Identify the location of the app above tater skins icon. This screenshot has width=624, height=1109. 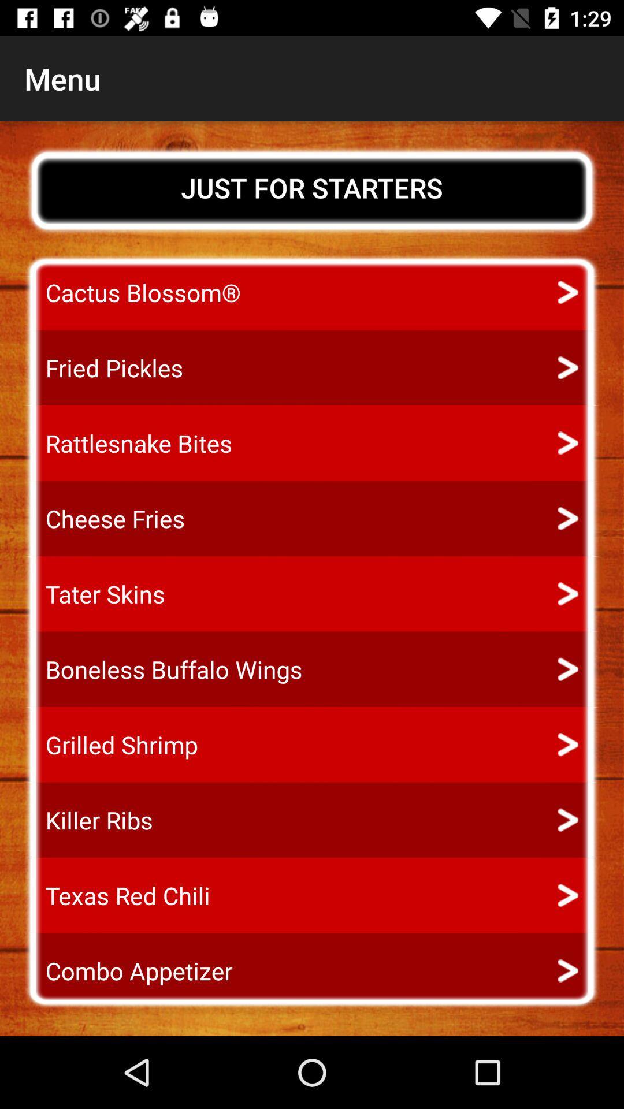
(105, 518).